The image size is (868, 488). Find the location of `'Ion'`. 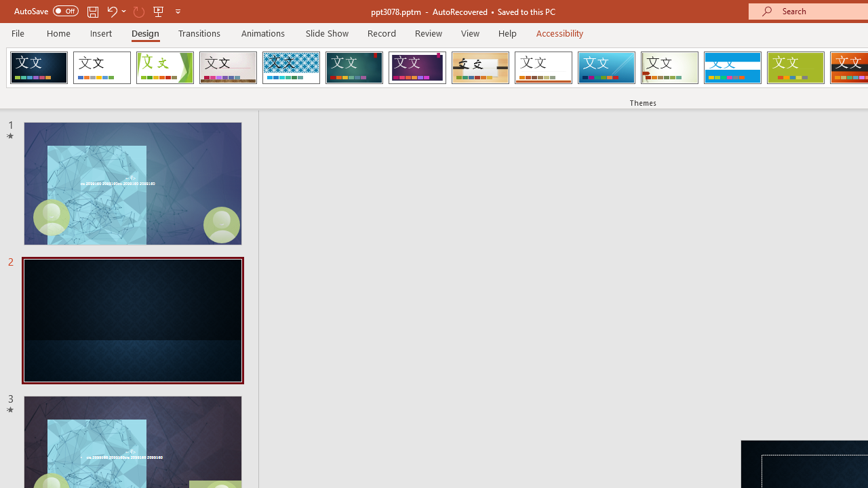

'Ion' is located at coordinates (354, 68).